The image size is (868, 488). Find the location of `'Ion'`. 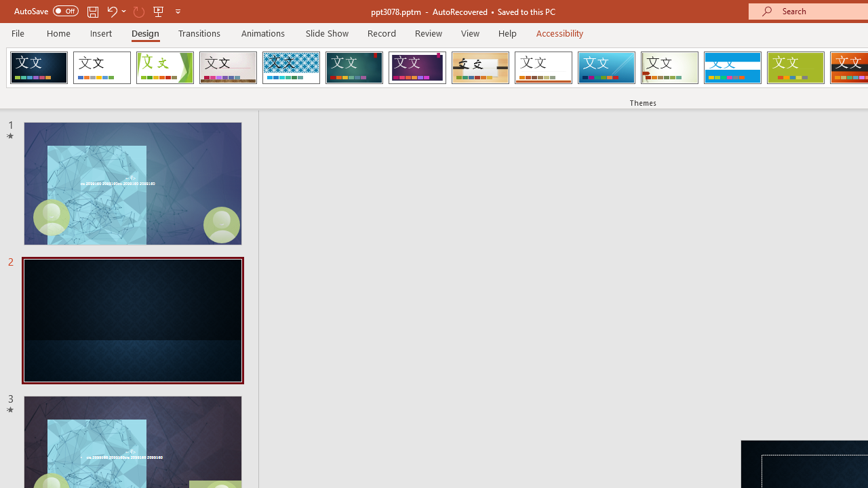

'Ion' is located at coordinates (354, 68).